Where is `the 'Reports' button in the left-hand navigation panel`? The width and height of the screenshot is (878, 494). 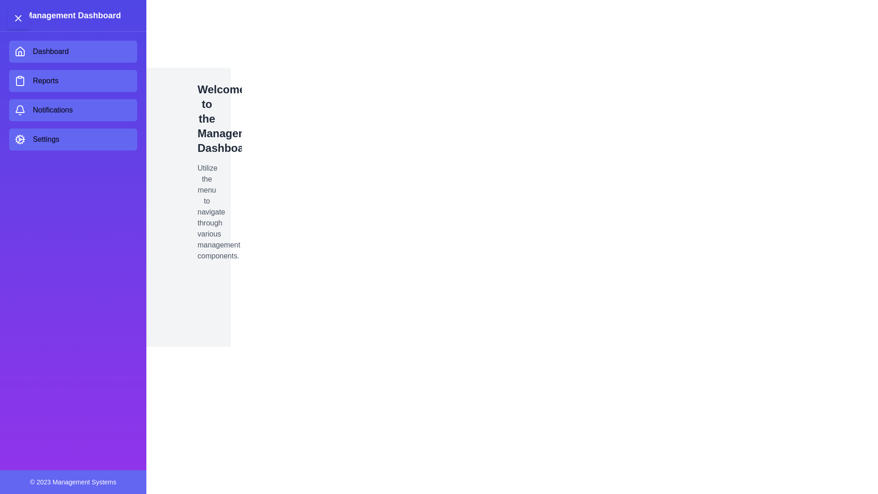 the 'Reports' button in the left-hand navigation panel is located at coordinates (72, 81).